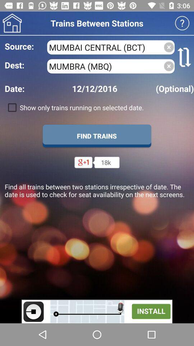 The height and width of the screenshot is (346, 194). I want to click on go home, so click(12, 23).